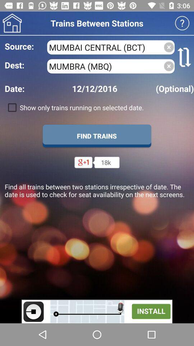 The height and width of the screenshot is (346, 194). I want to click on go home, so click(12, 23).